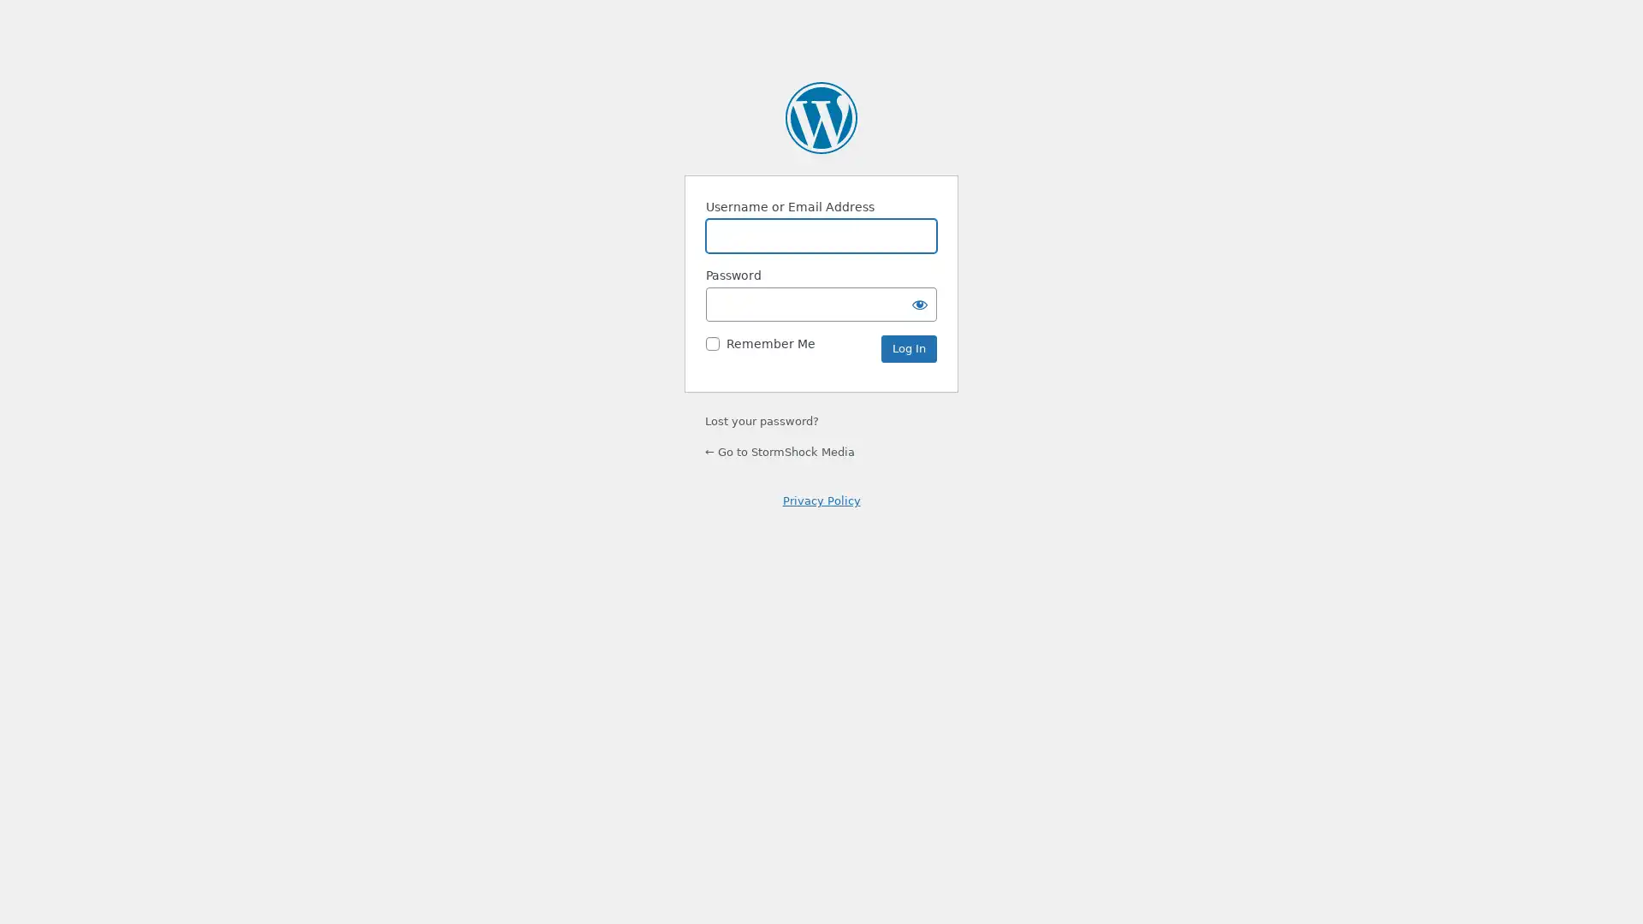  What do you see at coordinates (908, 348) in the screenshot?
I see `Log In` at bounding box center [908, 348].